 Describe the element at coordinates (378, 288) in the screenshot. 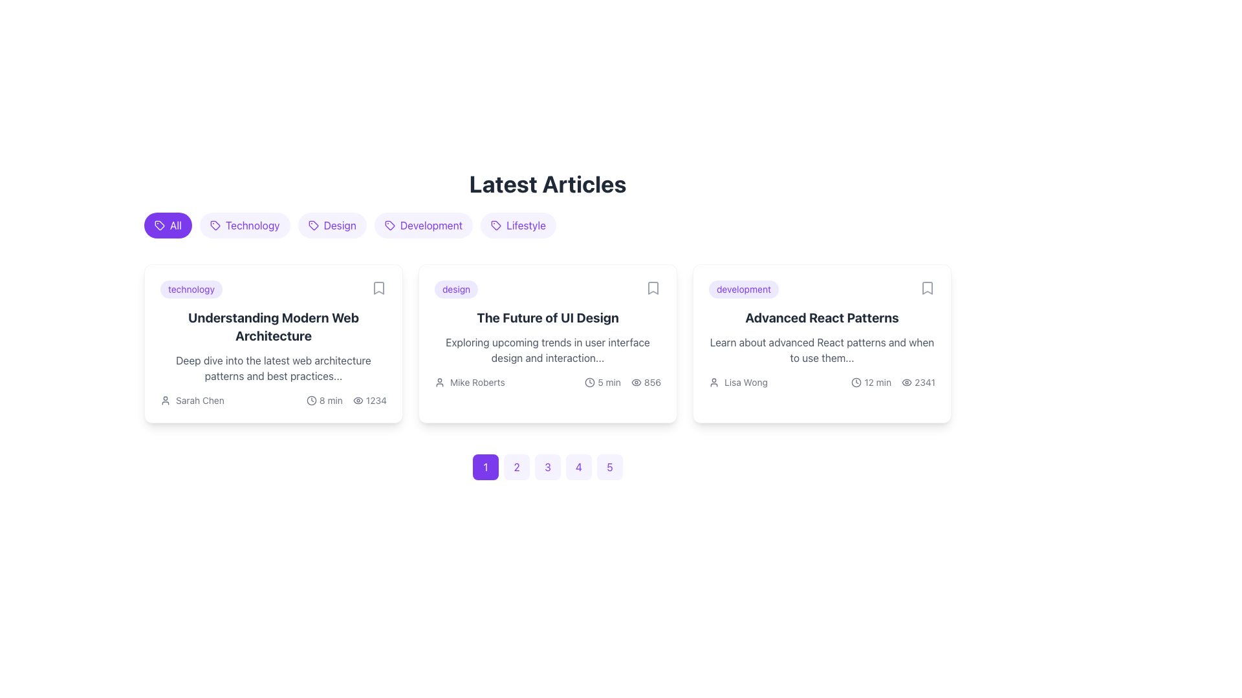

I see `the bookmark toggle icon located in the upper-right corner of the card titled 'Understanding Modern Web Architecture' in the 'Latest Articles' section` at that location.